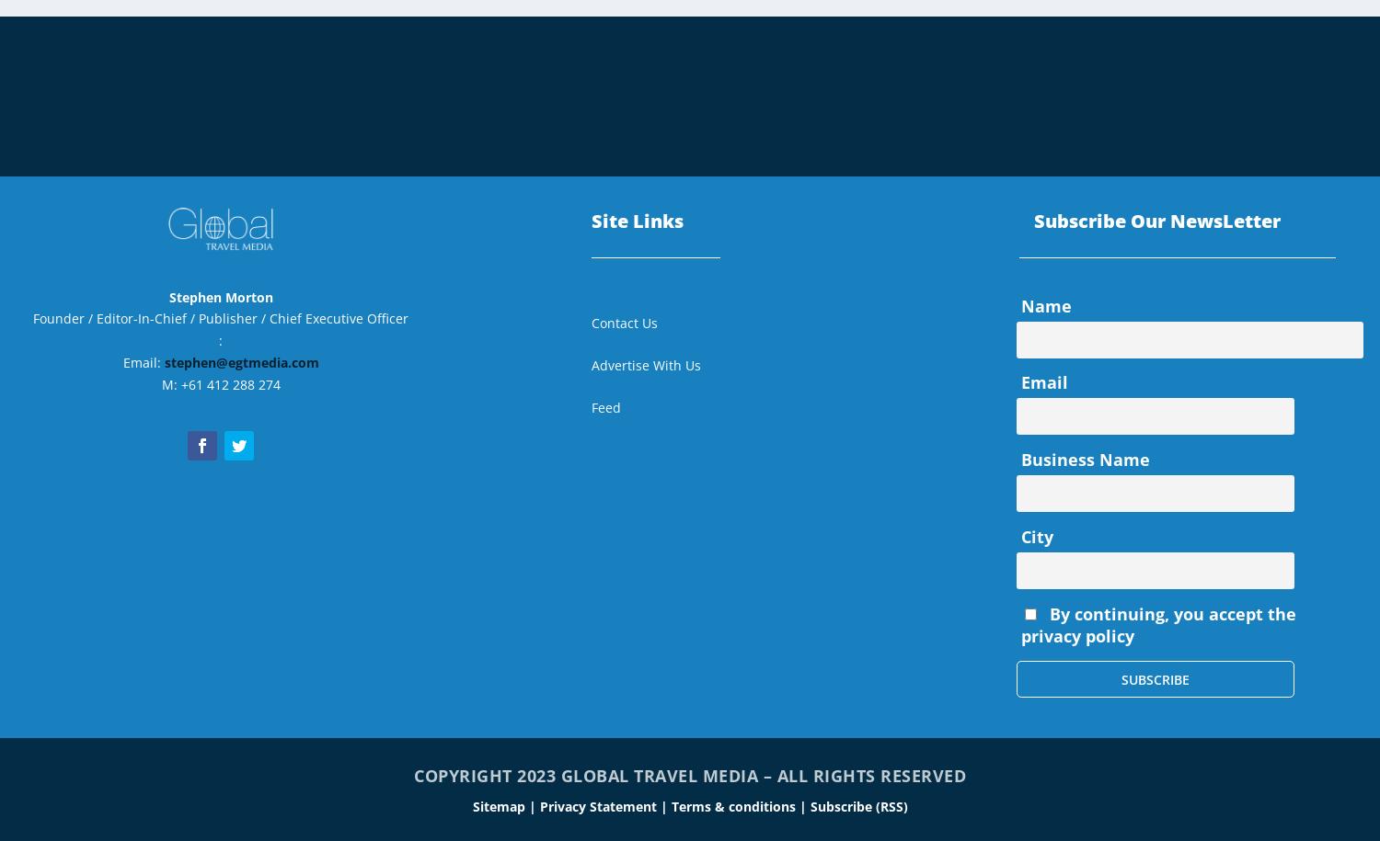 This screenshot has width=1380, height=841. What do you see at coordinates (1051, 449) in the screenshot?
I see `'July 2021'` at bounding box center [1051, 449].